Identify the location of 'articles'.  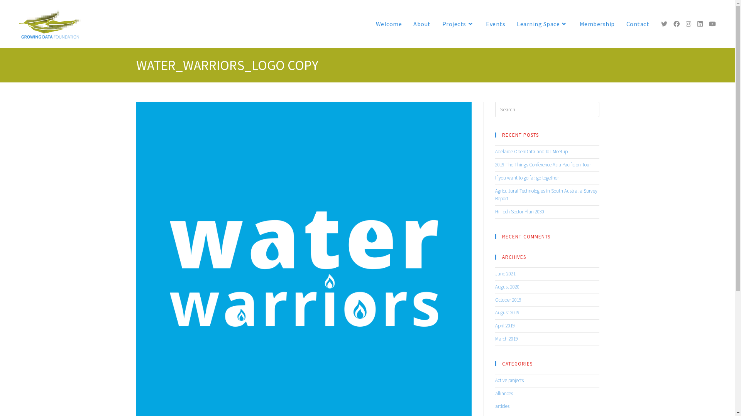
(502, 406).